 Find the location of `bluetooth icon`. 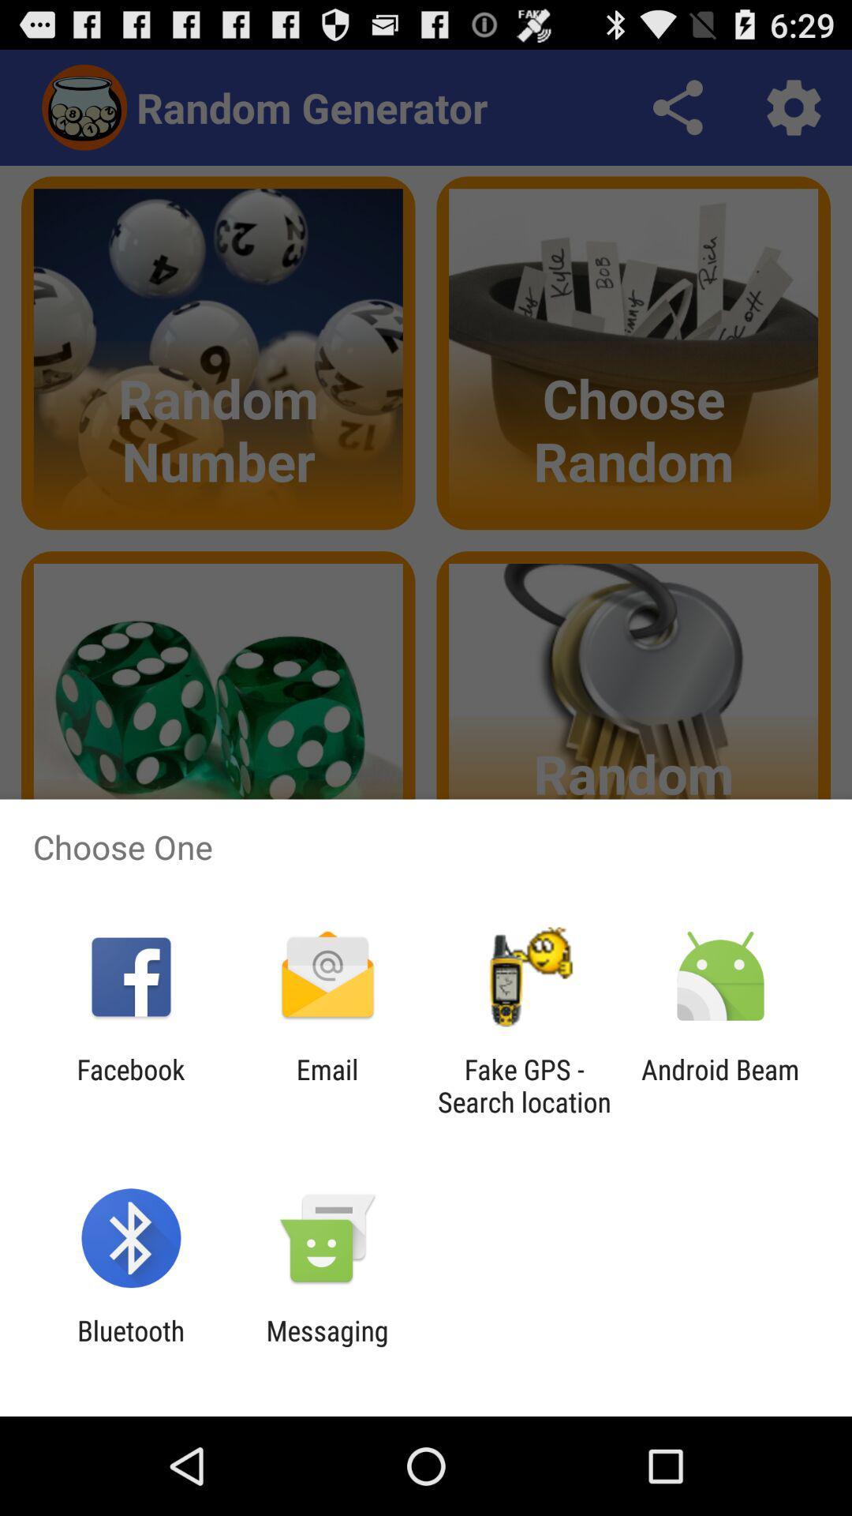

bluetooth icon is located at coordinates (130, 1346).